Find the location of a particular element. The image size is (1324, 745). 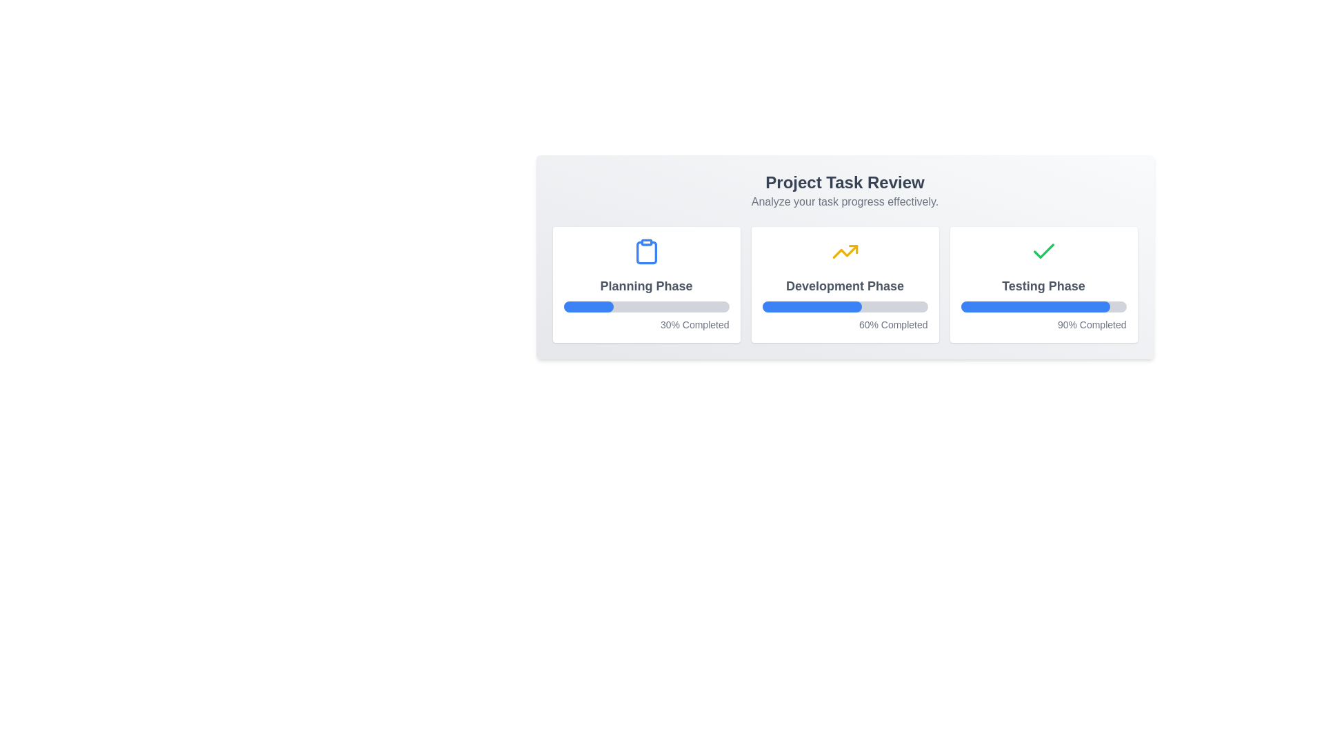

the progress bar representing 90% completion for the 'Testing Phase' task, located below the 'Testing Phase' label and above the '90% Completed' label is located at coordinates (1043, 306).